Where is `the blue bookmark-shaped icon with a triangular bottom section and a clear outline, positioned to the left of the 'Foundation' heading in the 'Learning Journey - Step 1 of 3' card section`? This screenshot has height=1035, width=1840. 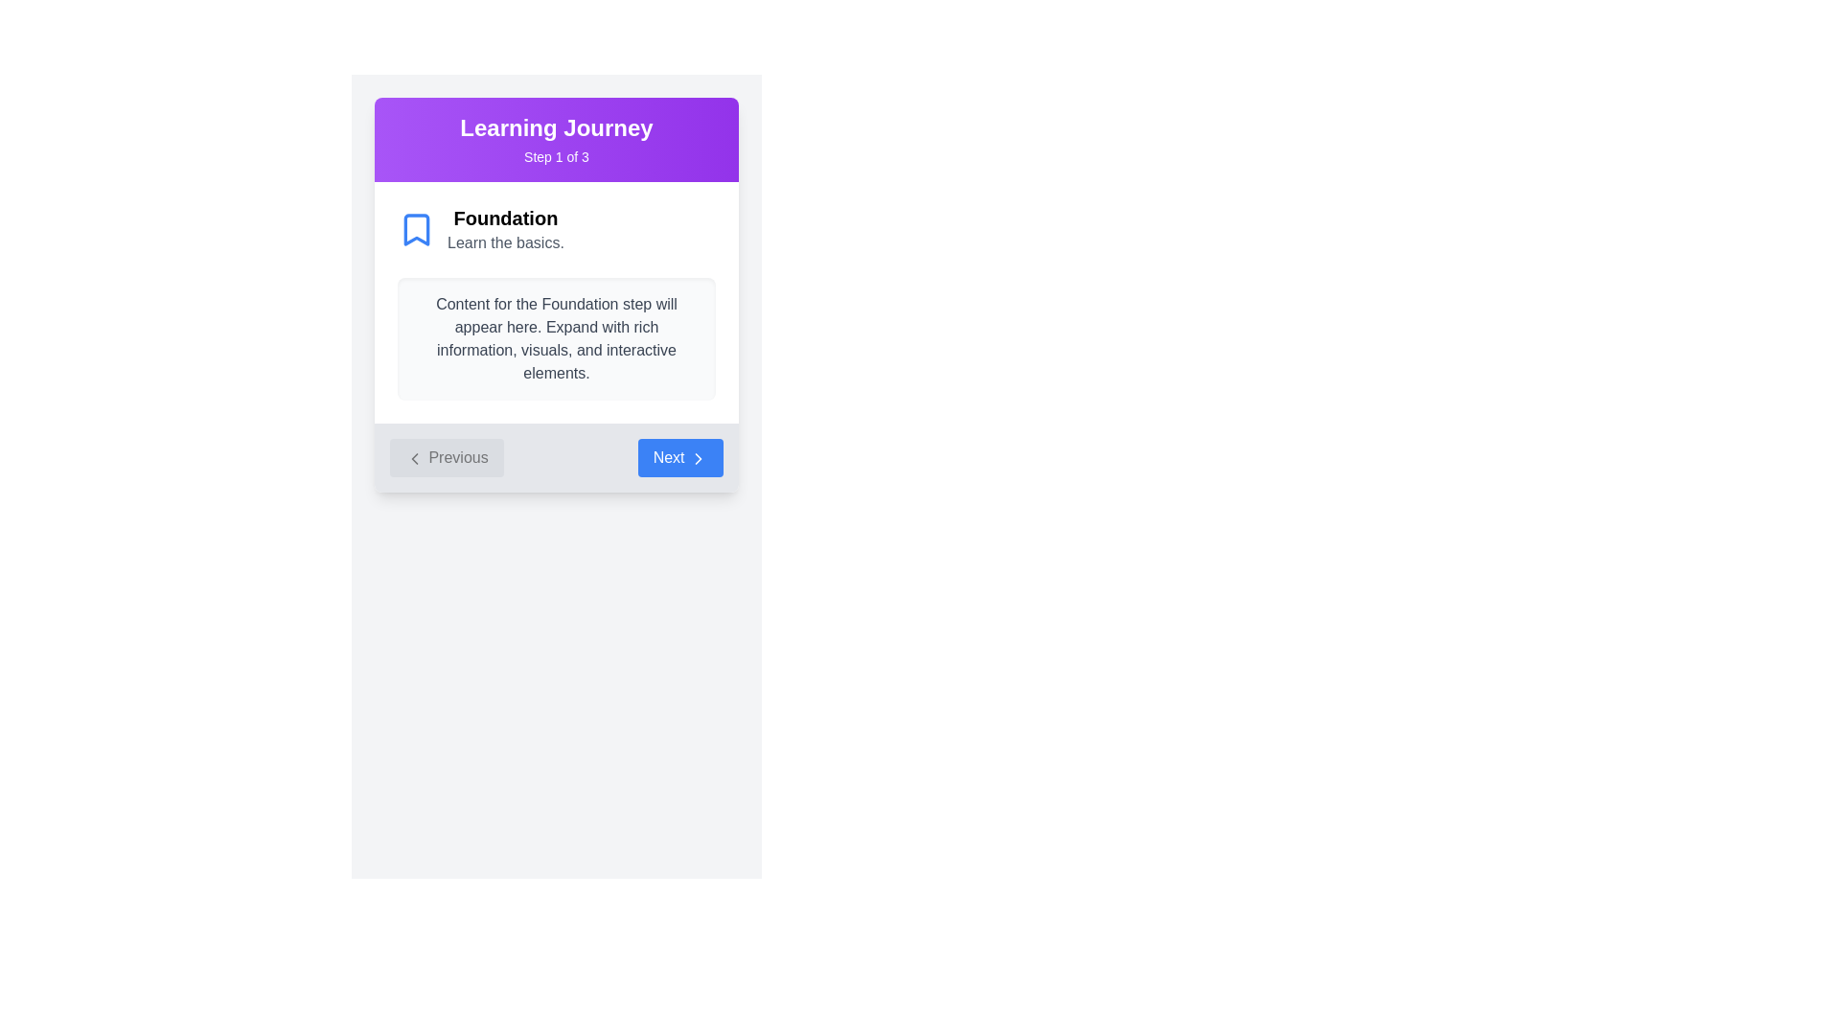 the blue bookmark-shaped icon with a triangular bottom section and a clear outline, positioned to the left of the 'Foundation' heading in the 'Learning Journey - Step 1 of 3' card section is located at coordinates (416, 228).